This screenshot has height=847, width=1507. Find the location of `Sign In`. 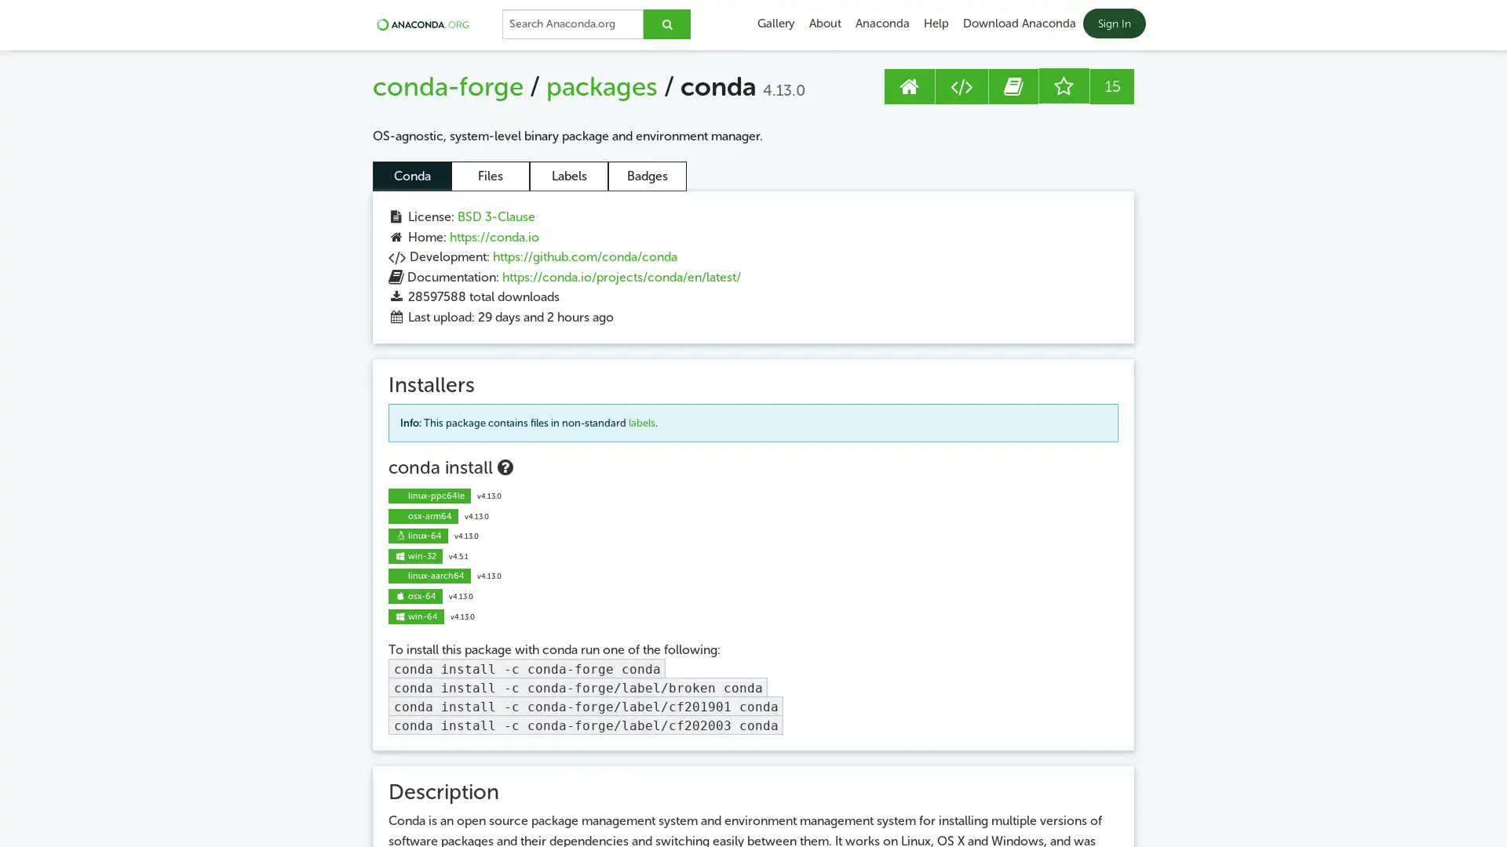

Sign In is located at coordinates (1113, 24).